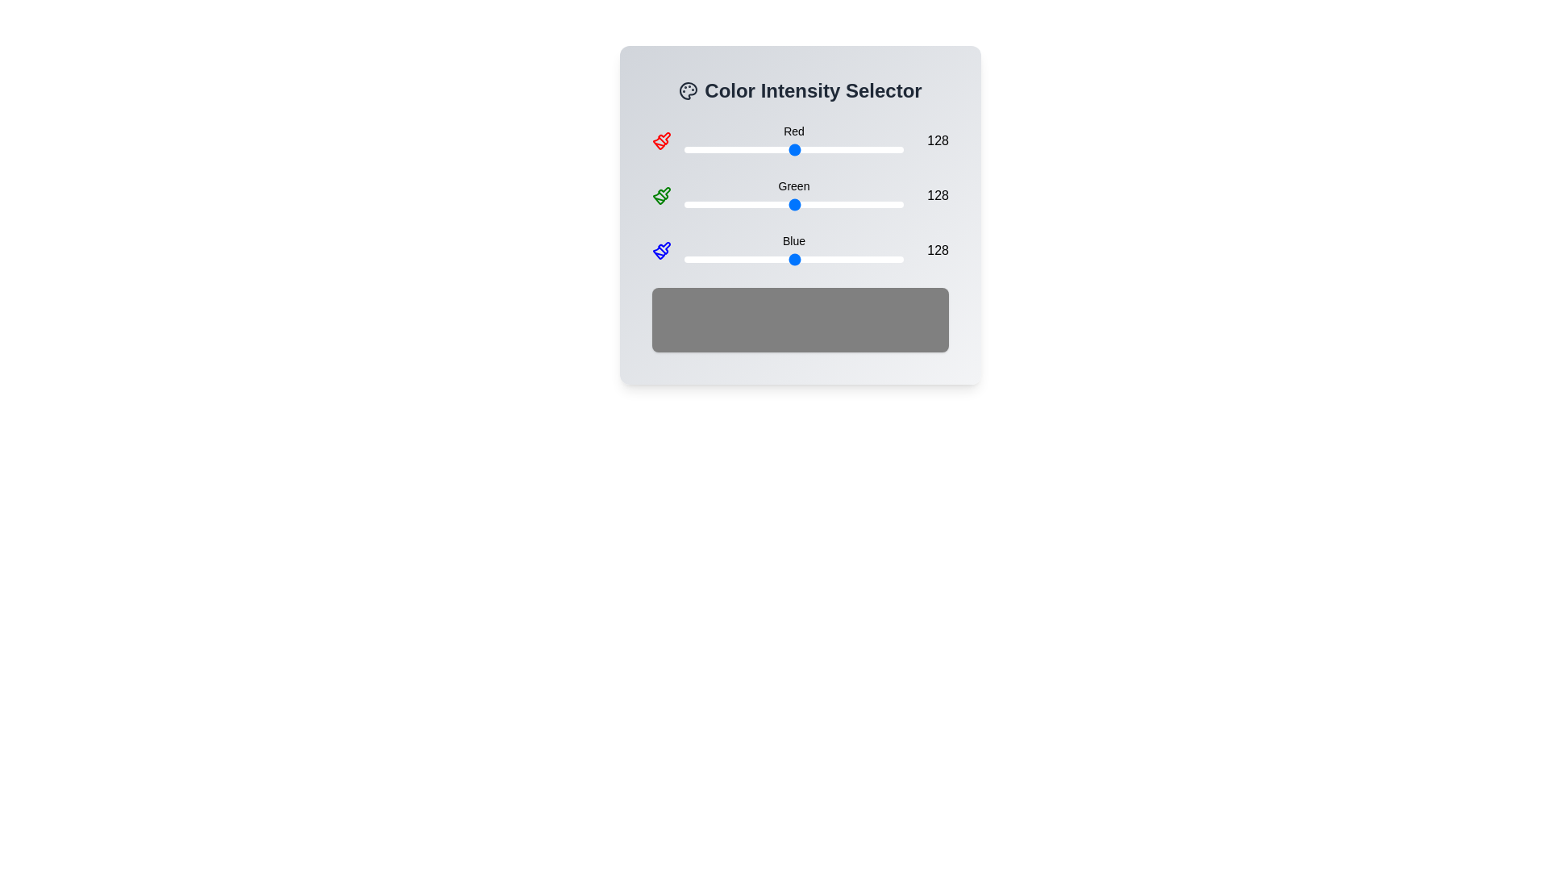 This screenshot has height=871, width=1548. Describe the element at coordinates (793, 149) in the screenshot. I see `the range slider element located under the 'Red' label for keyboard adjustments` at that location.